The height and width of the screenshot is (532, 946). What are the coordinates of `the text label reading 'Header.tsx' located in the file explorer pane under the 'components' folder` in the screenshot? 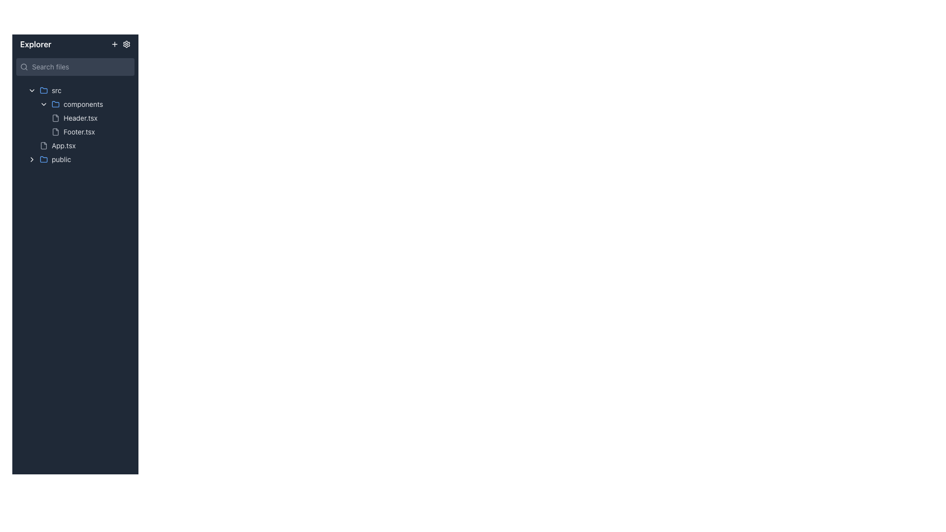 It's located at (80, 117).